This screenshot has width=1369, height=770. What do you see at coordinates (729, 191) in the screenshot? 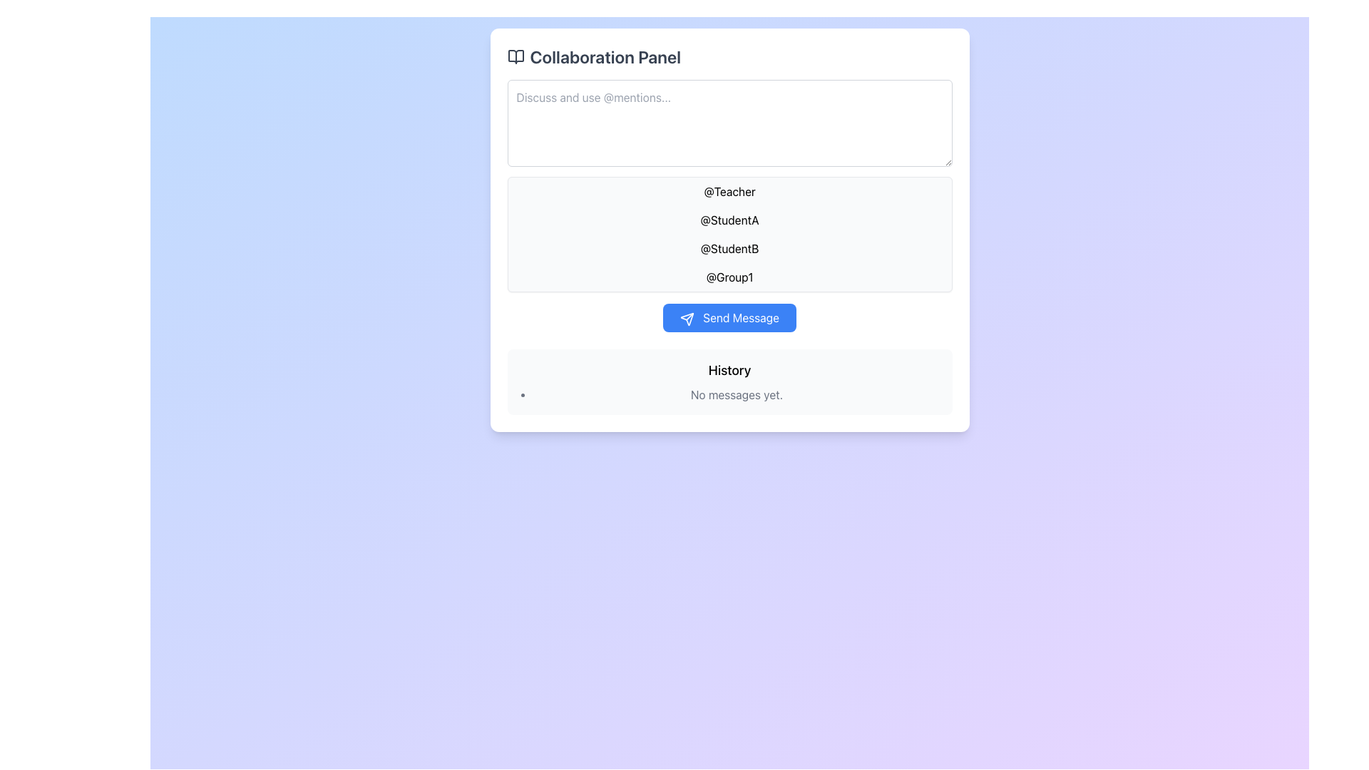
I see `the list item labeled '@Teacher'` at bounding box center [729, 191].